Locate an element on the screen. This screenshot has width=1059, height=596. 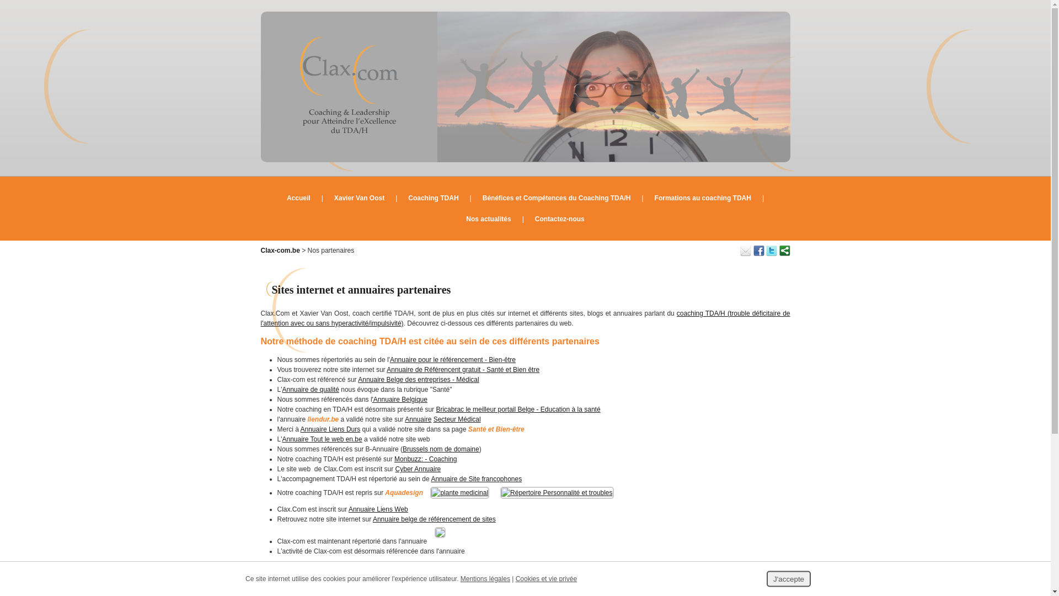
'Contactez-nous' is located at coordinates (559, 219).